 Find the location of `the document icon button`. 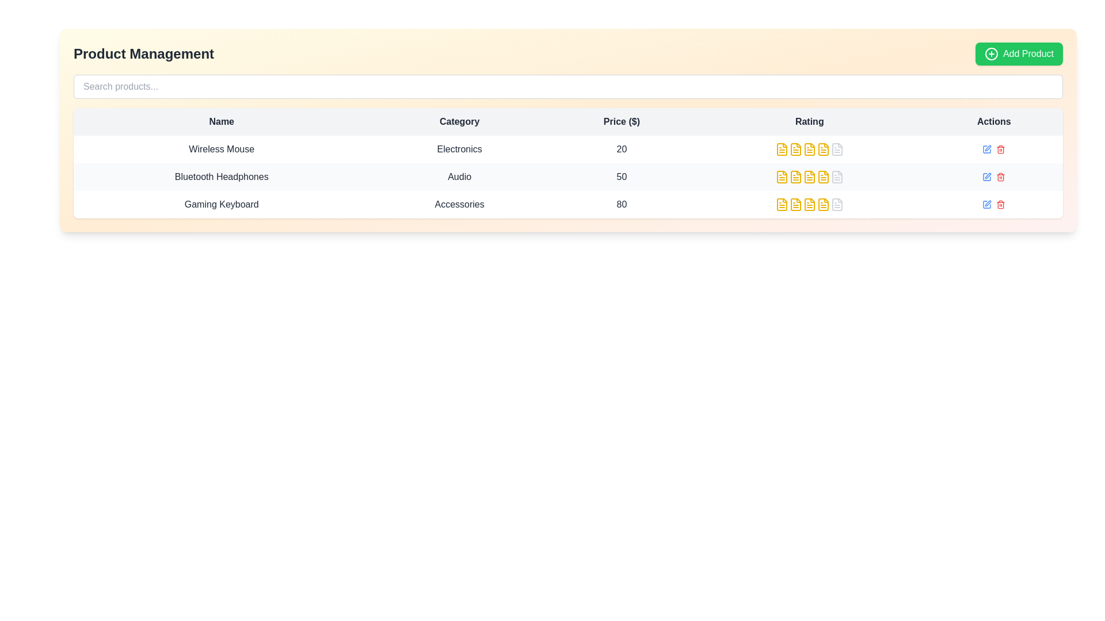

the document icon button is located at coordinates (782, 148).